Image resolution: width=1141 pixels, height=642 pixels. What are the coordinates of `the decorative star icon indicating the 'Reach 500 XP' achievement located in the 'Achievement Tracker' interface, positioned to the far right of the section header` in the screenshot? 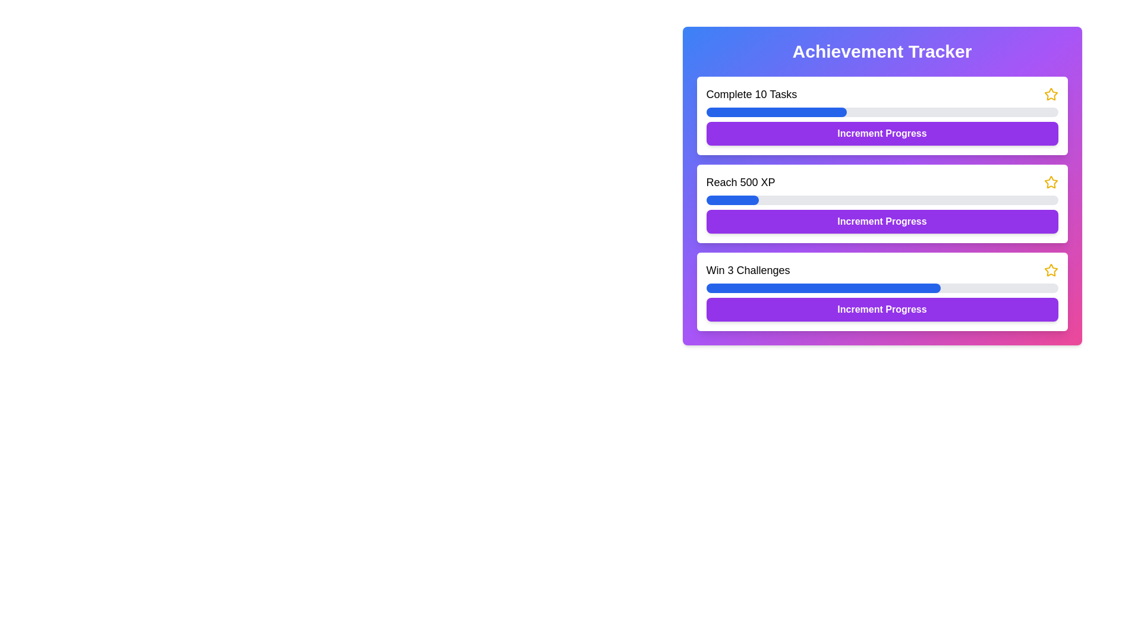 It's located at (1051, 182).